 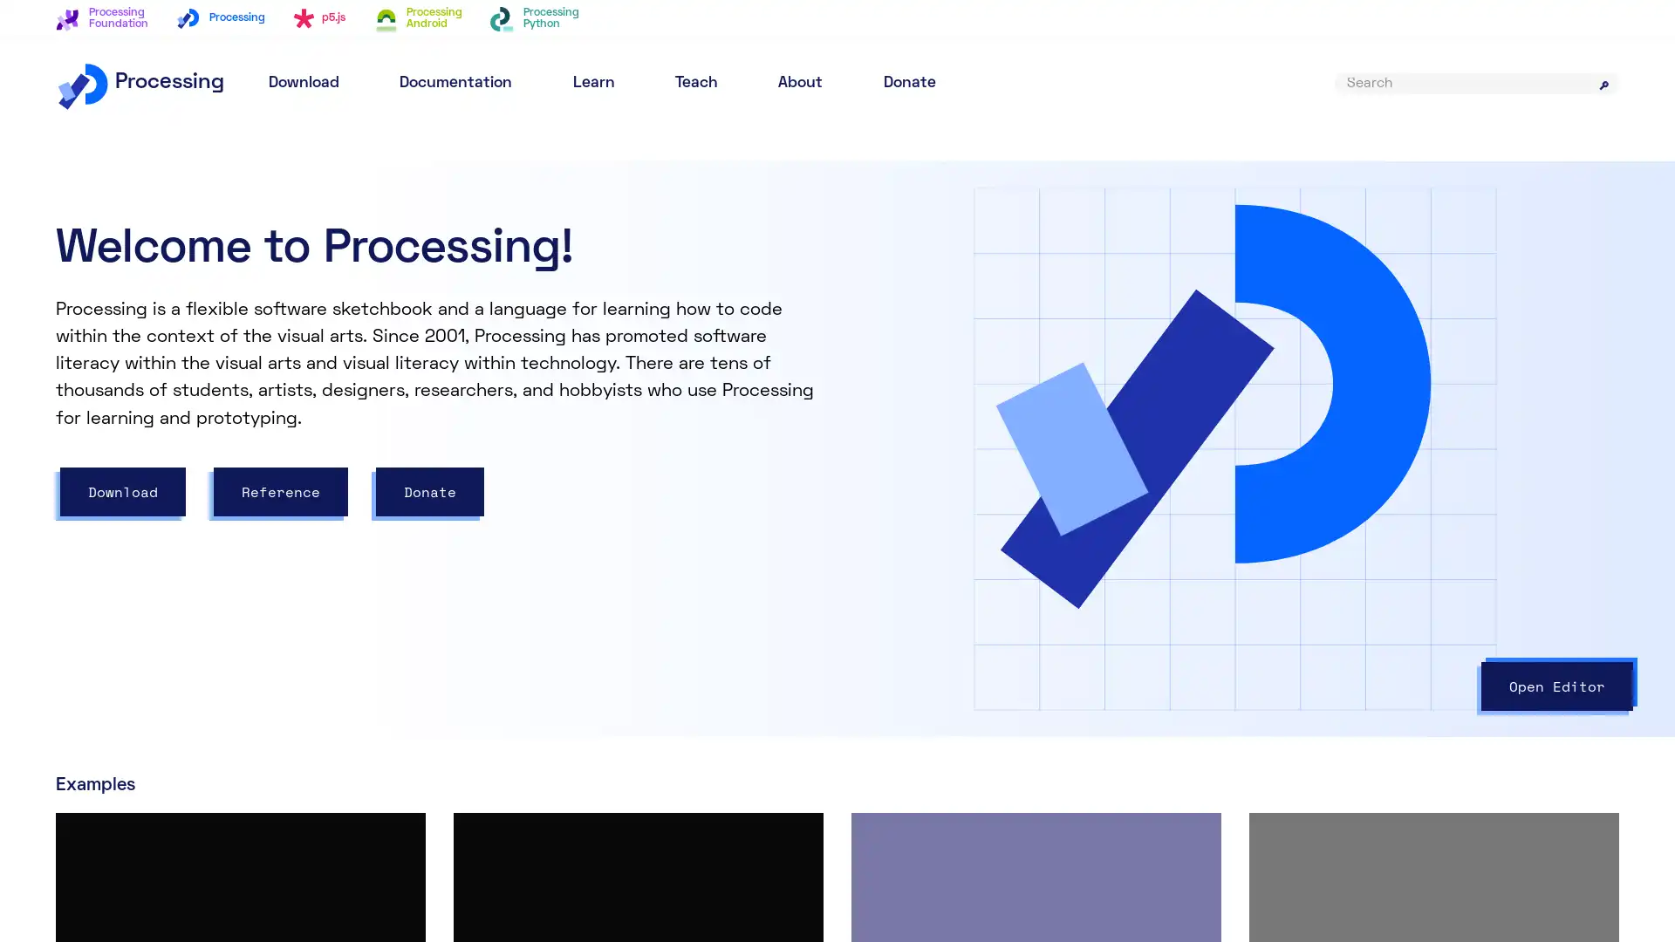 What do you see at coordinates (954, 578) in the screenshot?
I see `change position` at bounding box center [954, 578].